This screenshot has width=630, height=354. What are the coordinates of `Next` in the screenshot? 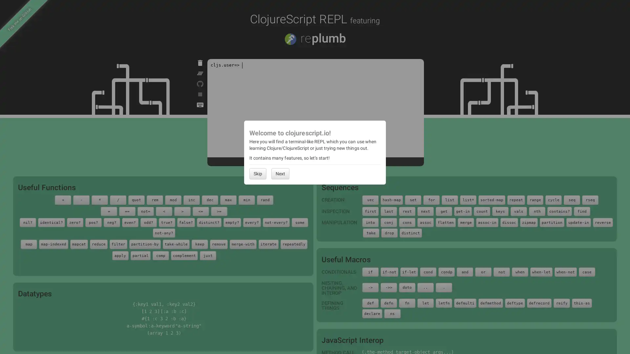 It's located at (280, 173).